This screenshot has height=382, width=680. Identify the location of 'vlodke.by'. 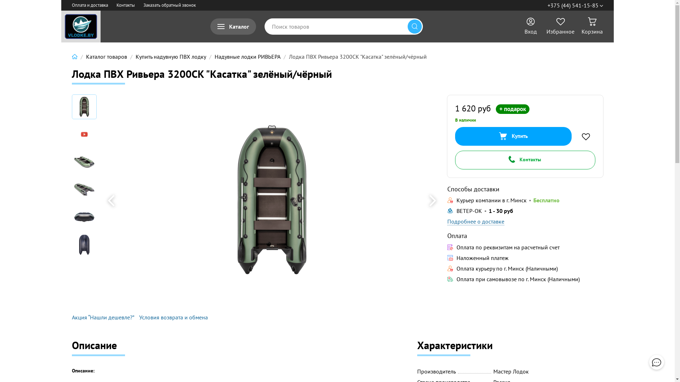
(80, 26).